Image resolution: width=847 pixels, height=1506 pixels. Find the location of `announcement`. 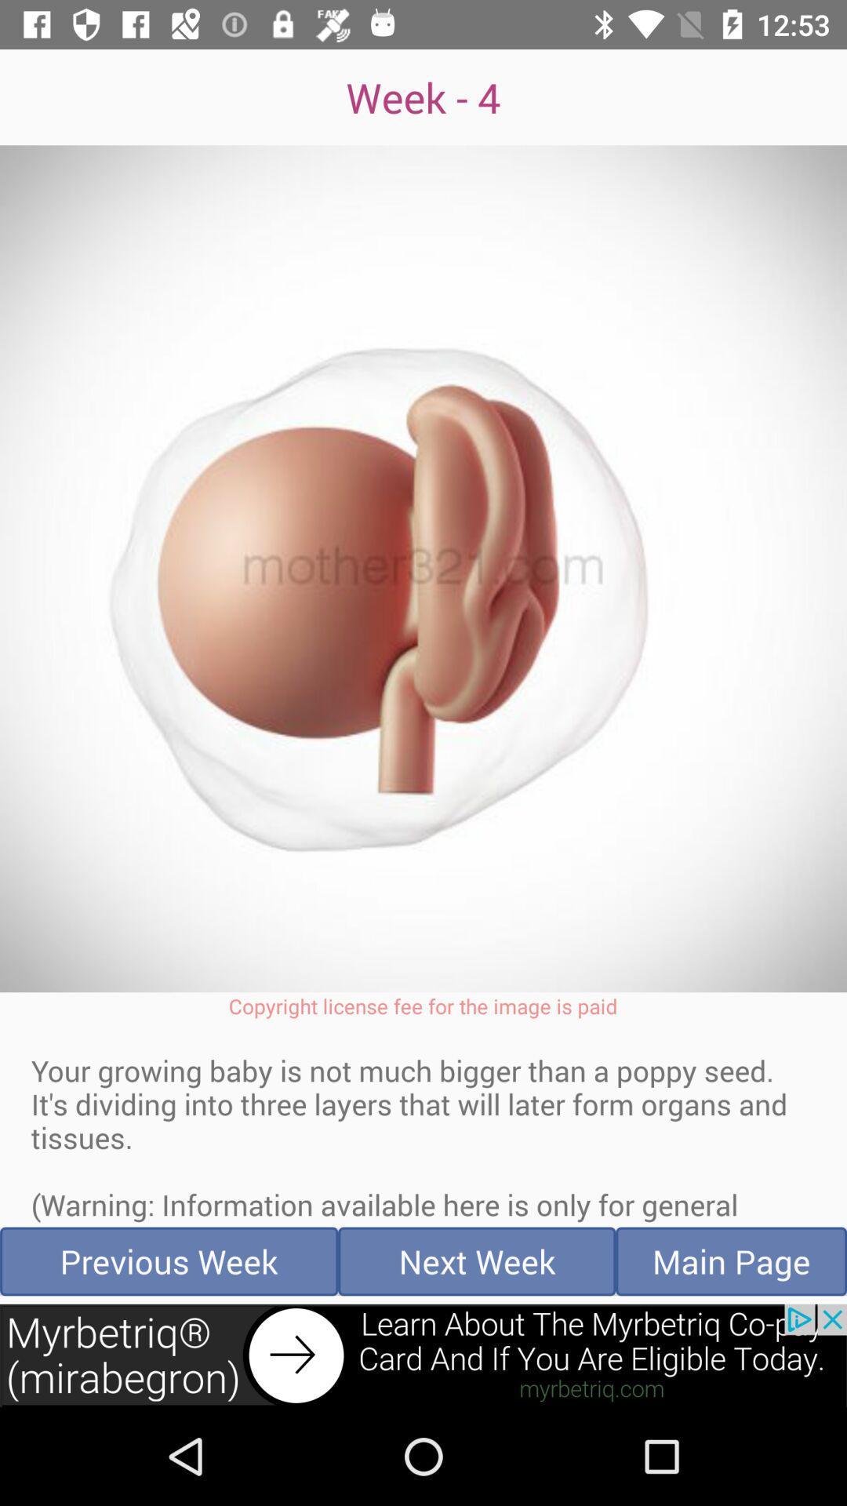

announcement is located at coordinates (423, 1355).